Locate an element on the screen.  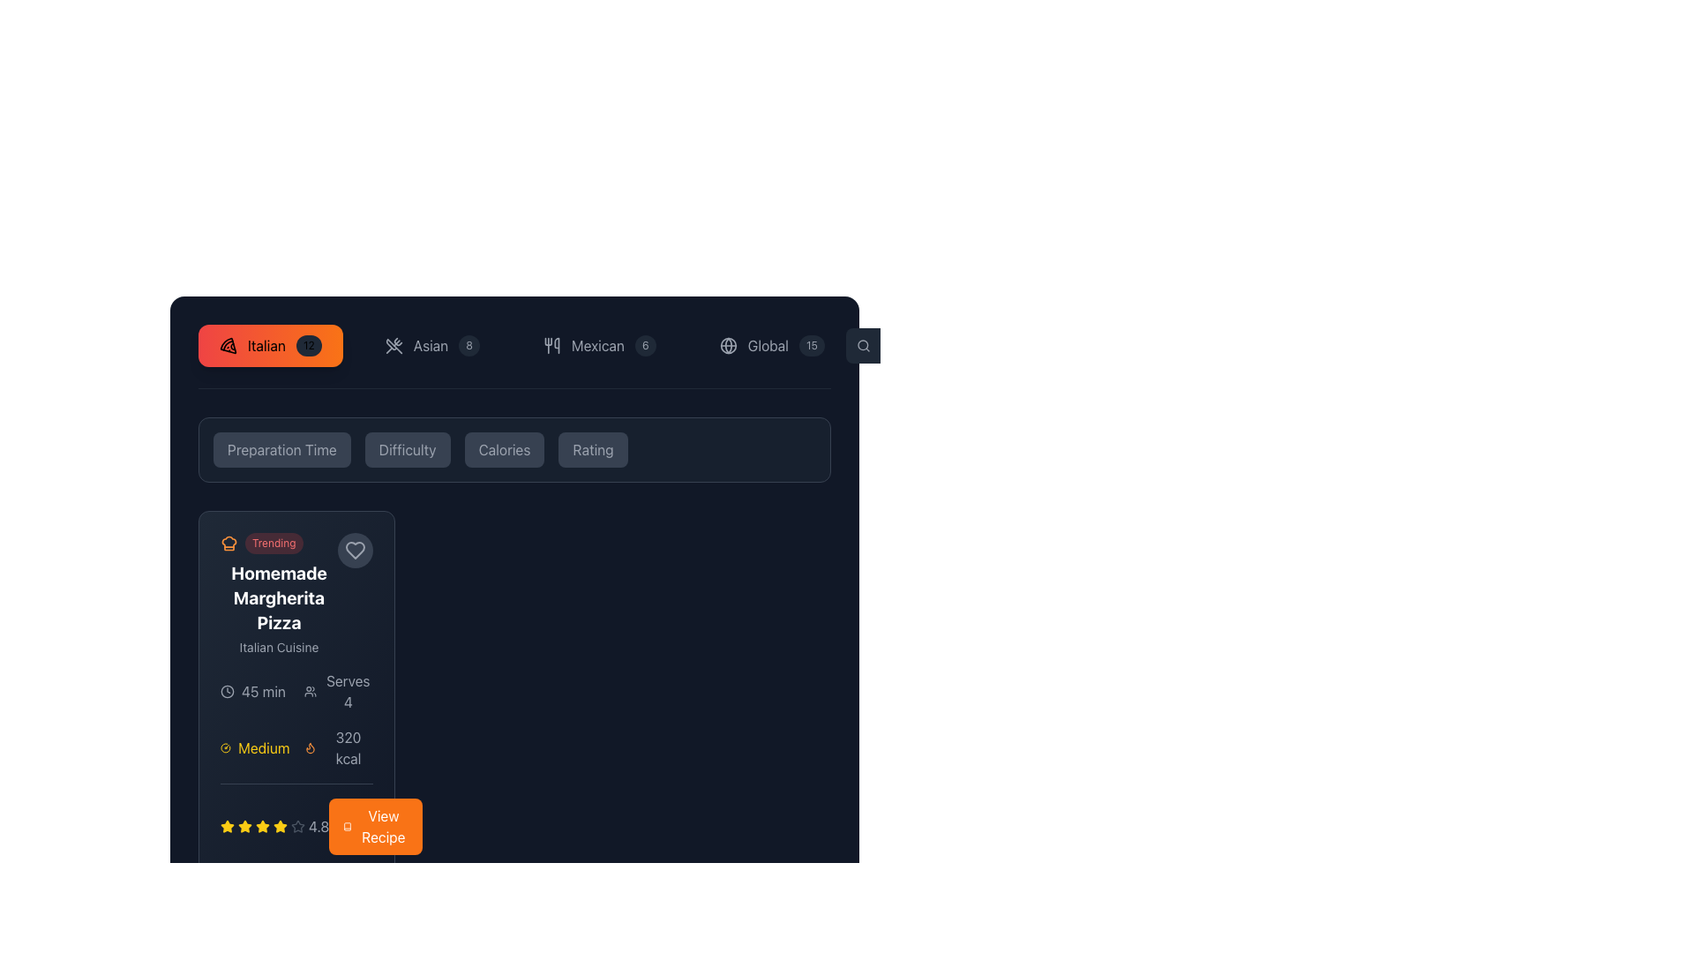
the small, rounded-value indicator with a gray background showing '15', located to the right of the 'Global' label and icon is located at coordinates (811, 346).